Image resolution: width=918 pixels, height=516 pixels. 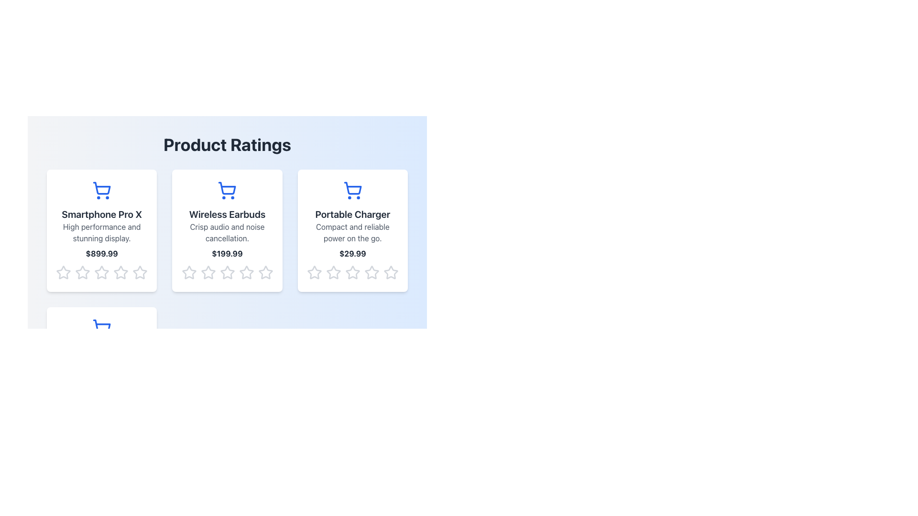 I want to click on the third star in the rating component at the bottom of the 'Smartphone Pro X' product card, so click(x=102, y=272).